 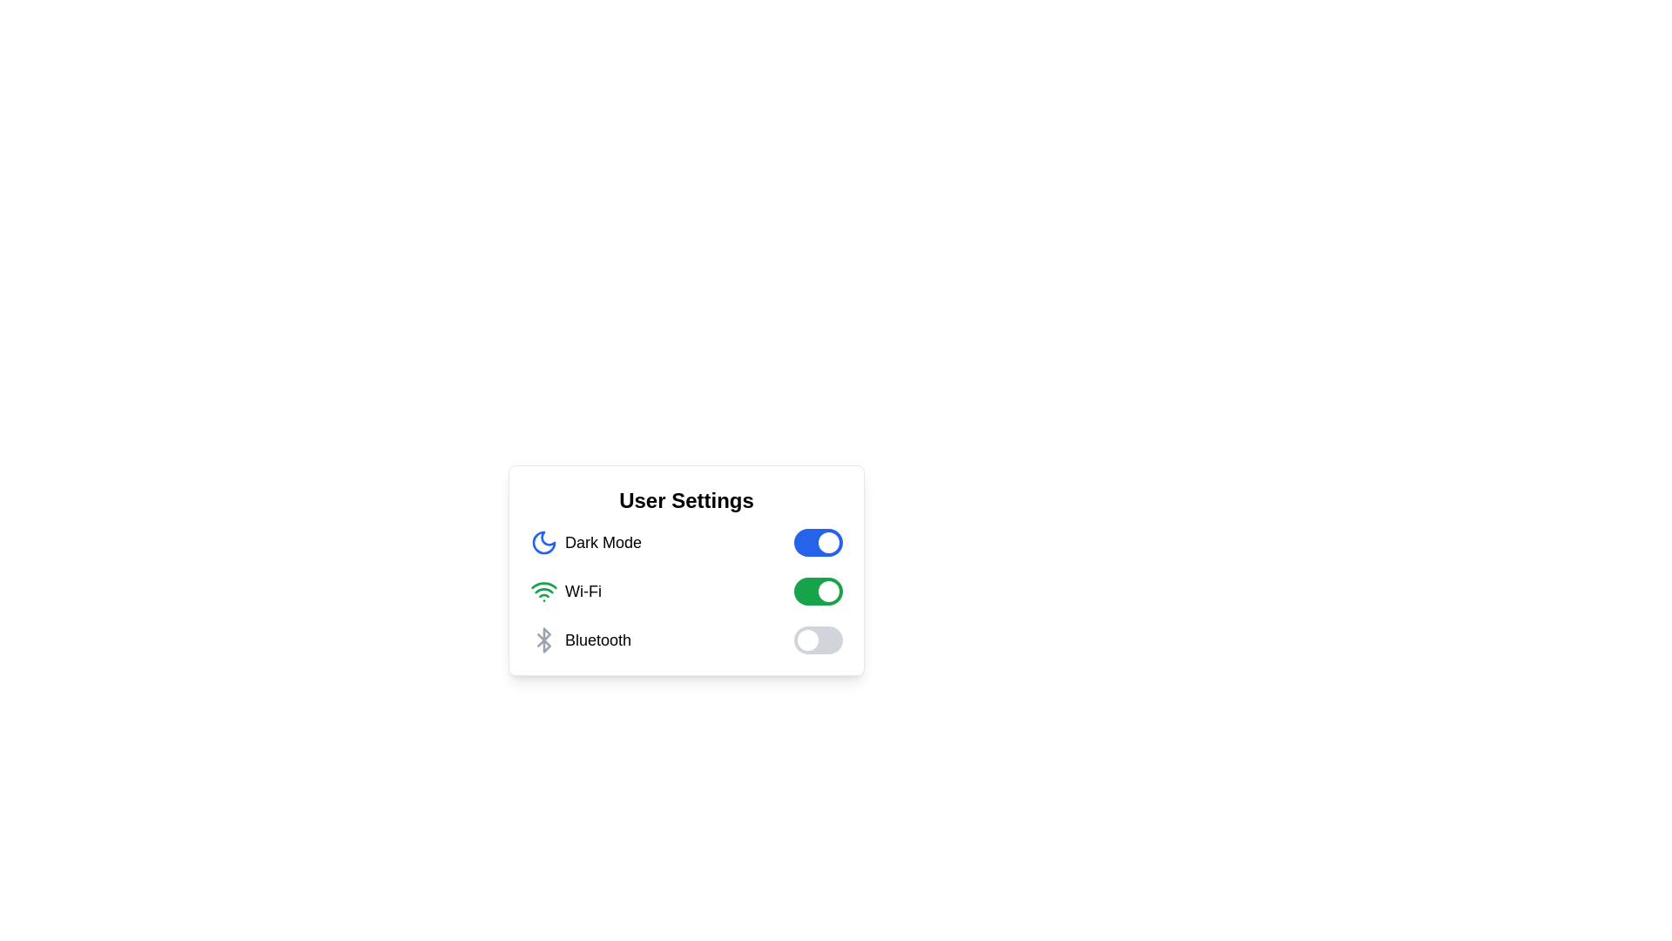 What do you see at coordinates (818, 640) in the screenshot?
I see `the Bluetooth toggle switch to change its state in the User Settings panel` at bounding box center [818, 640].